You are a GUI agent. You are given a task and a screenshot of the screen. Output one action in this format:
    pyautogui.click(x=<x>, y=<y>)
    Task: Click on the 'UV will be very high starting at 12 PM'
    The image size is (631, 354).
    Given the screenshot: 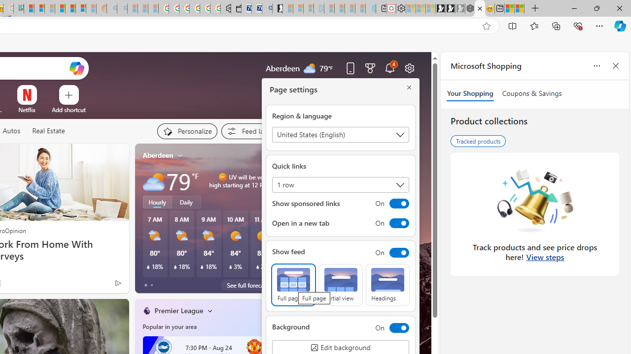 What is the action you would take?
    pyautogui.click(x=272, y=180)
    